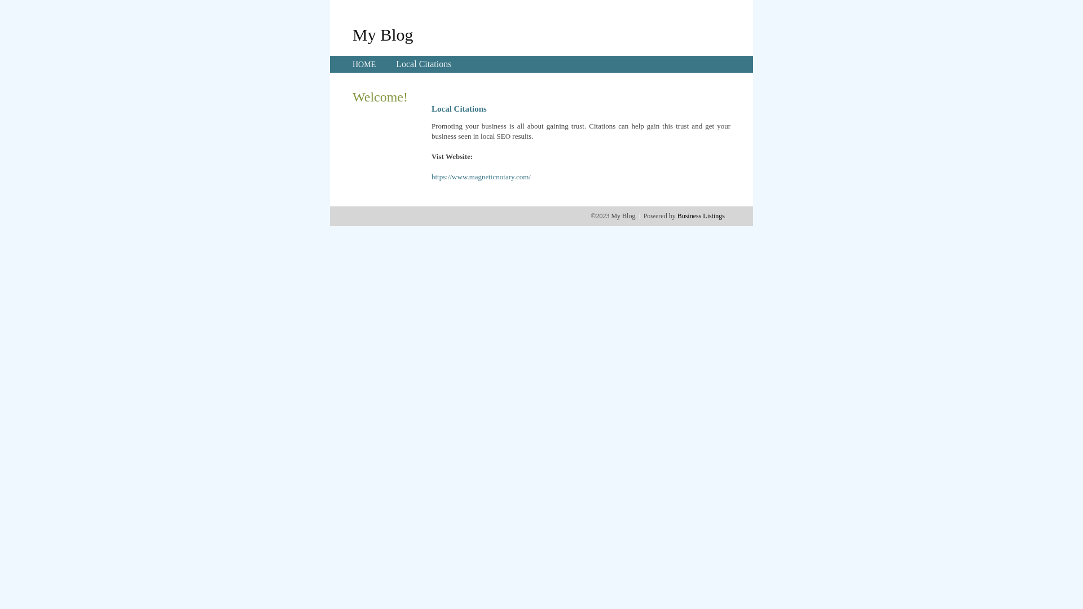 The height and width of the screenshot is (609, 1083). I want to click on 'https://www.magneticnotary.com/', so click(481, 176).